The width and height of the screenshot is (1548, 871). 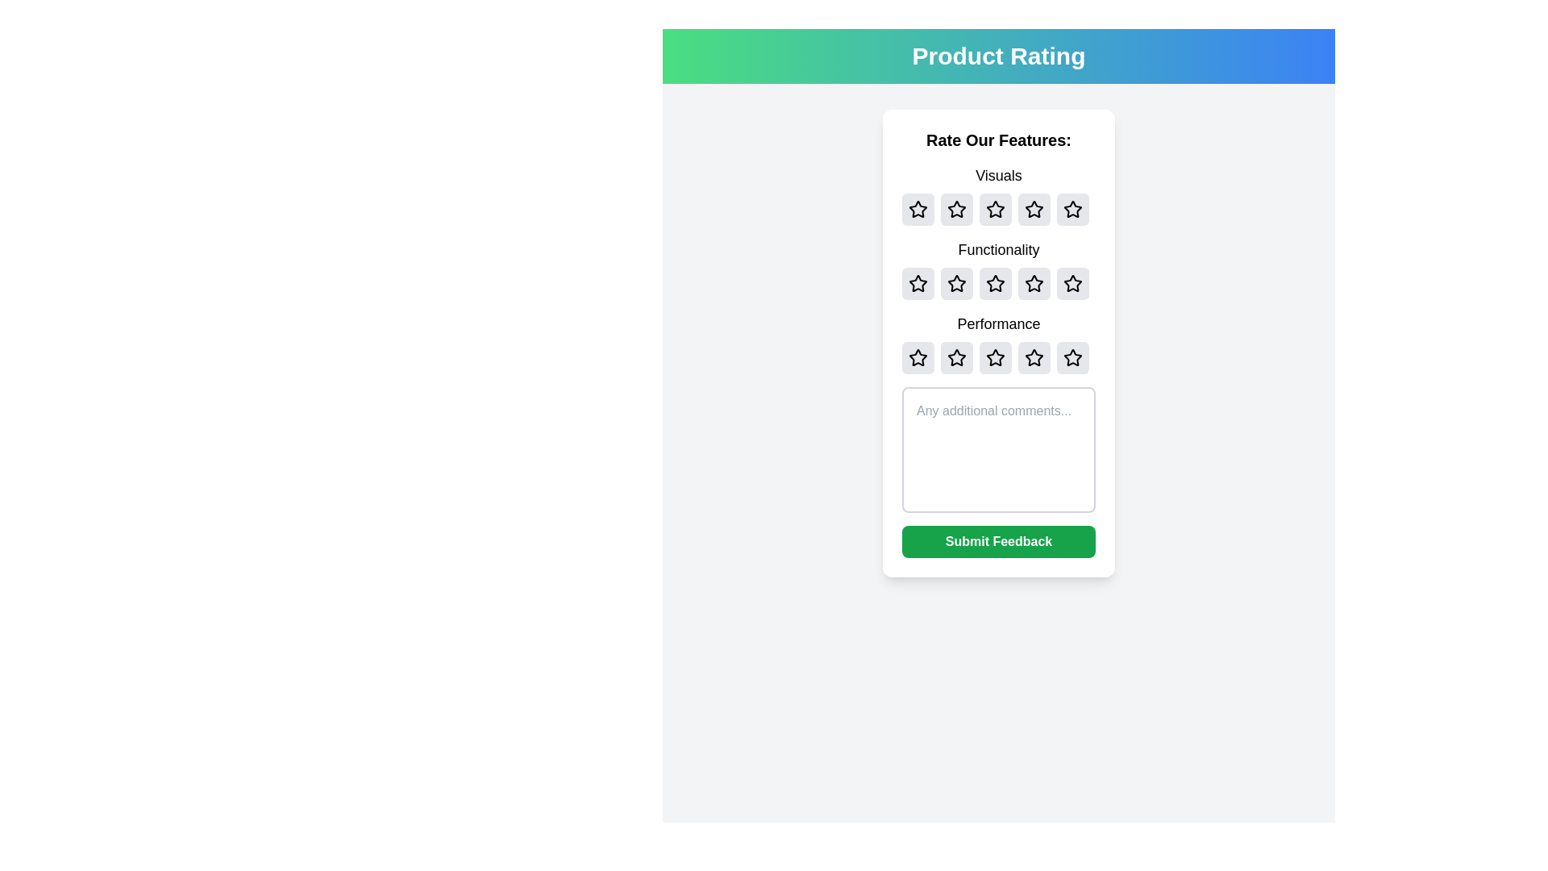 What do you see at coordinates (1072, 356) in the screenshot?
I see `the fifth star in the 'Performance' row of the rating interface` at bounding box center [1072, 356].